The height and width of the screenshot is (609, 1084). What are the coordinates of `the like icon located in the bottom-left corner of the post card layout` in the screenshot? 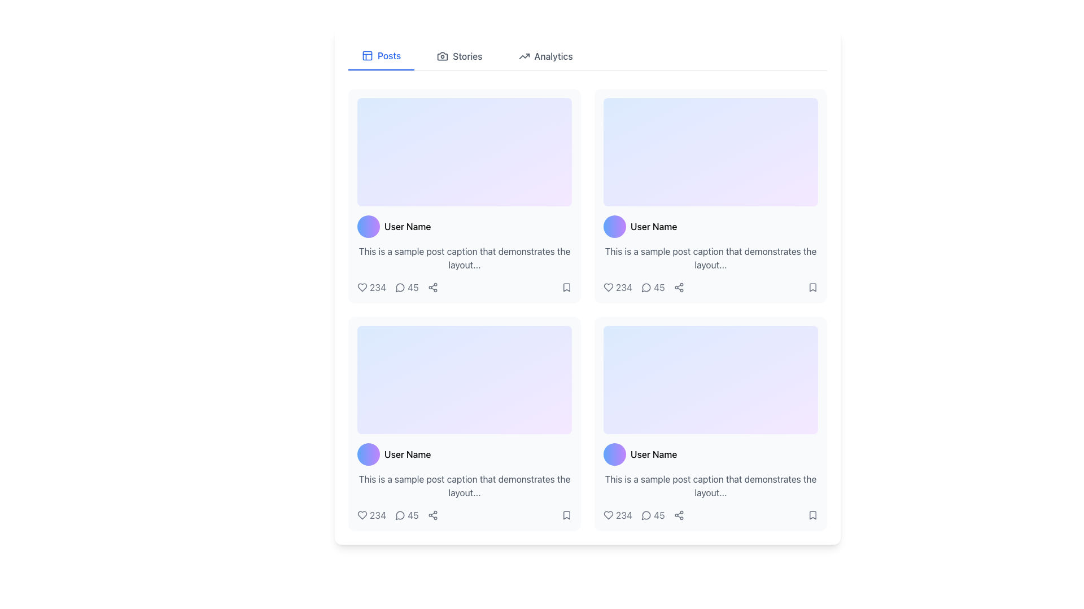 It's located at (362, 515).